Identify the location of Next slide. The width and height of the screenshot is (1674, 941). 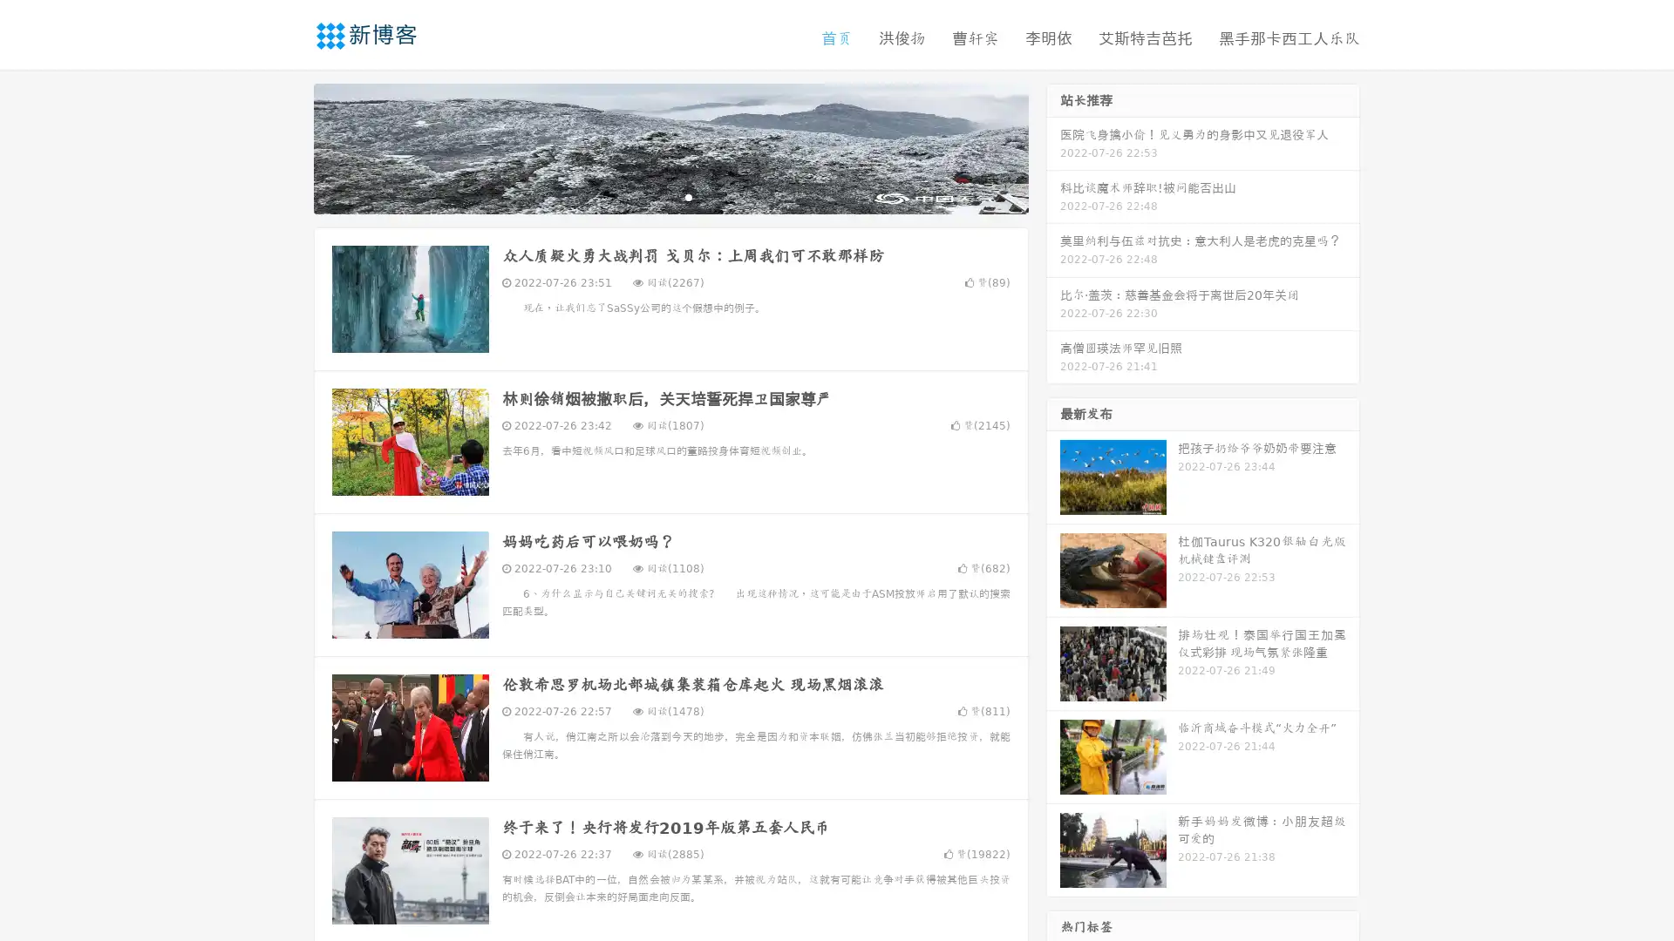
(1053, 146).